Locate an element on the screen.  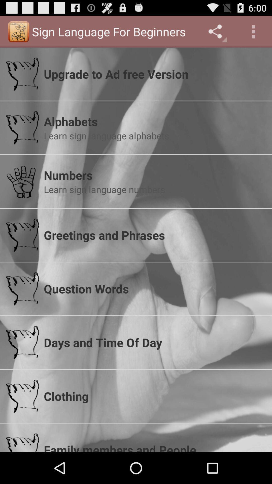
the question words icon is located at coordinates (154, 289).